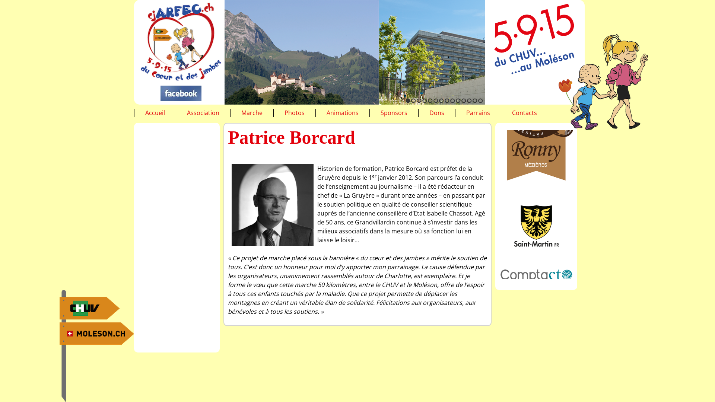 The image size is (715, 402). Describe the element at coordinates (466, 100) in the screenshot. I see `'12'` at that location.